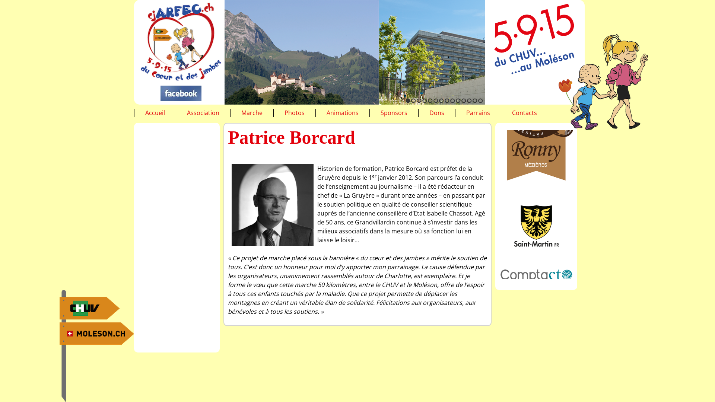 The image size is (715, 402). Describe the element at coordinates (466, 100) in the screenshot. I see `'12'` at that location.